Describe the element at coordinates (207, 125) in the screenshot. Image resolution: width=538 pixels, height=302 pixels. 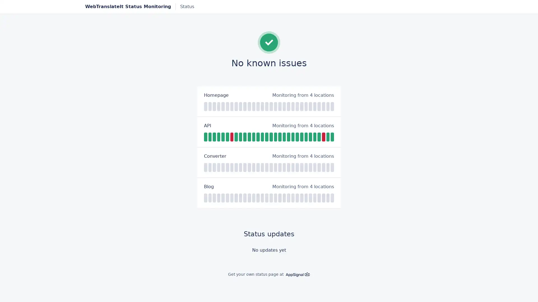
I see `API` at that location.